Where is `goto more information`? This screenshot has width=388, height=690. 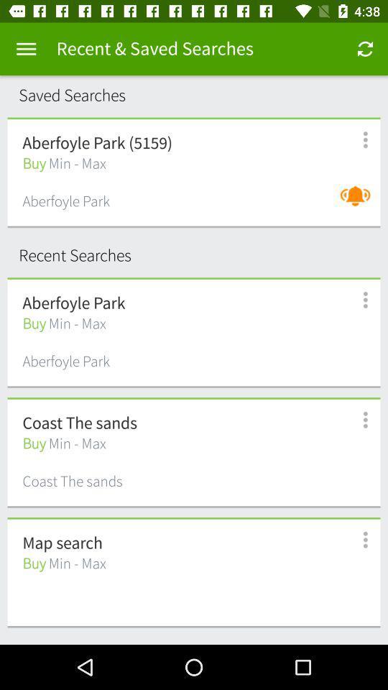 goto more information is located at coordinates (356, 299).